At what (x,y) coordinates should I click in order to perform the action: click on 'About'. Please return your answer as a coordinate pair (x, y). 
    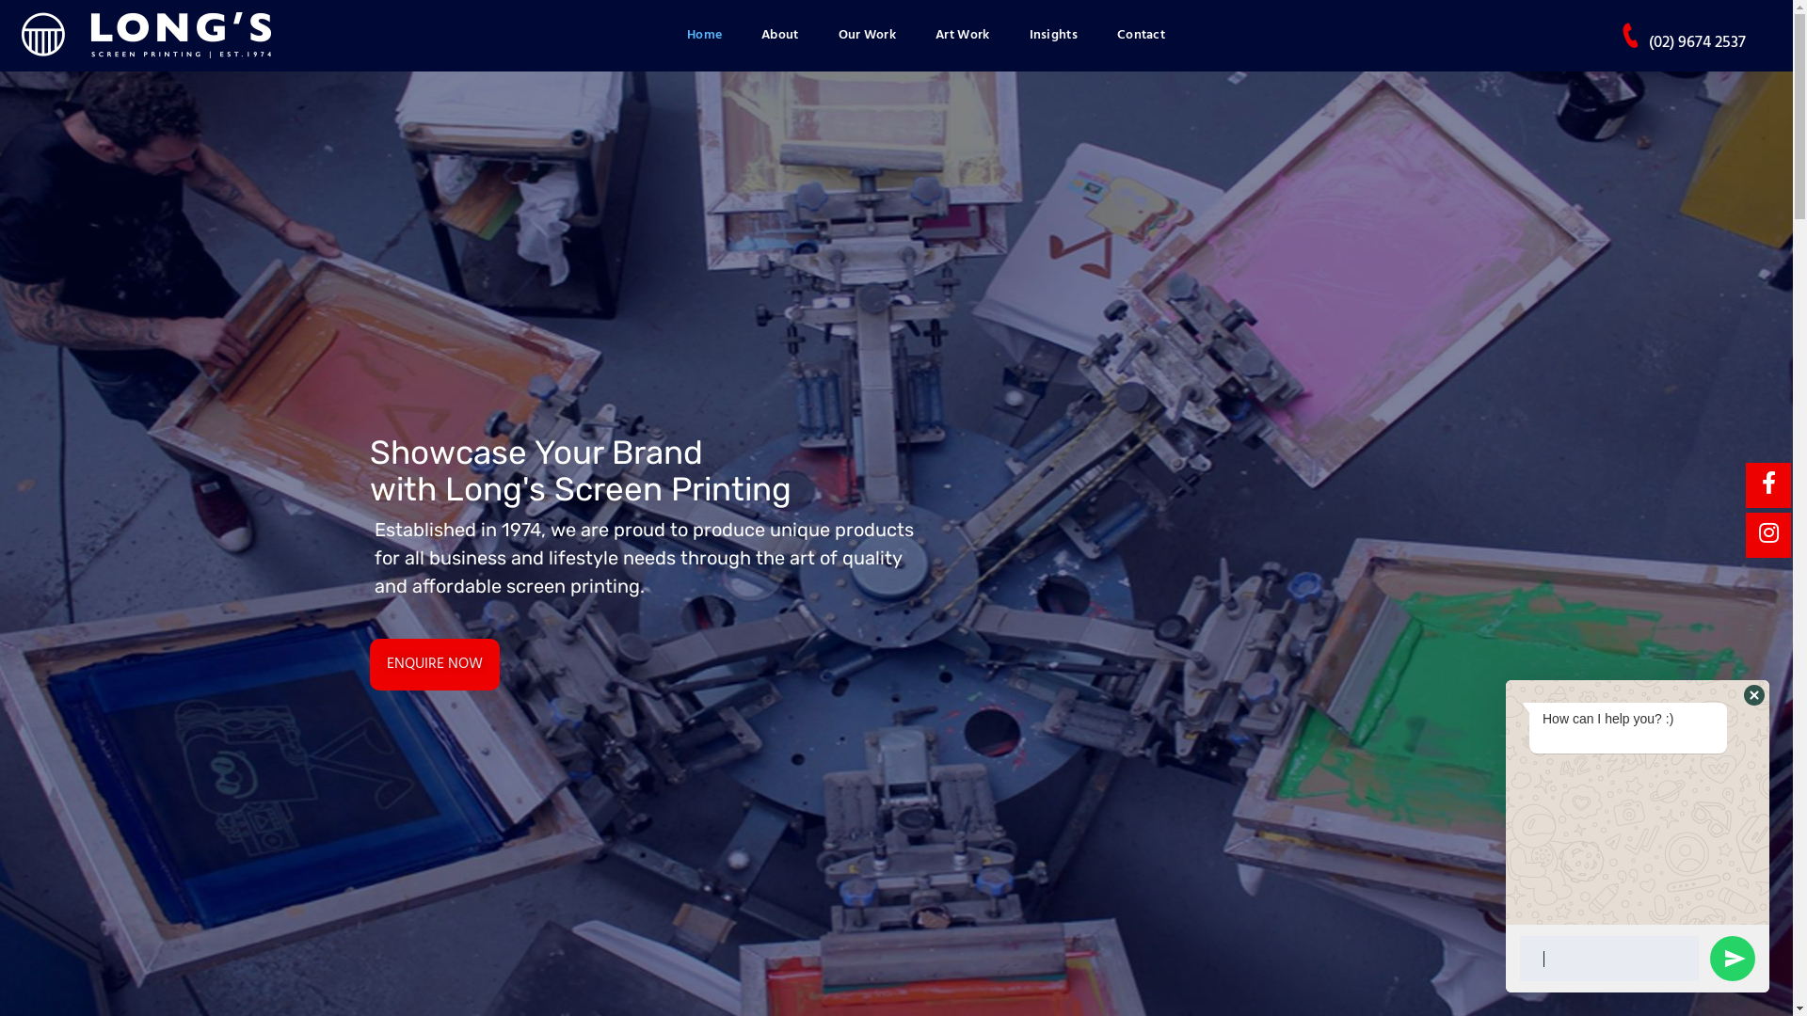
    Looking at the image, I should click on (780, 36).